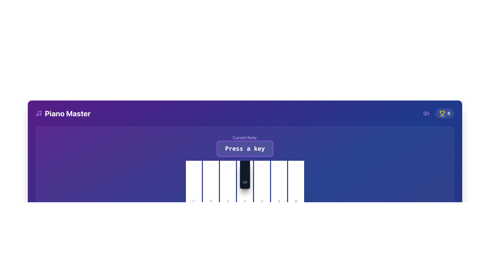 Image resolution: width=481 pixels, height=270 pixels. What do you see at coordinates (63, 113) in the screenshot?
I see `the 'Piano Master' text label with icon, which serves as an identifier for the current page or application section` at bounding box center [63, 113].